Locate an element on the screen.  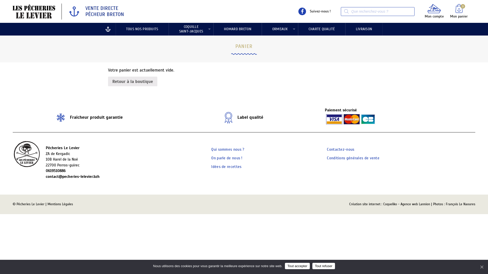
'Qui sommes nous ?' is located at coordinates (227, 149).